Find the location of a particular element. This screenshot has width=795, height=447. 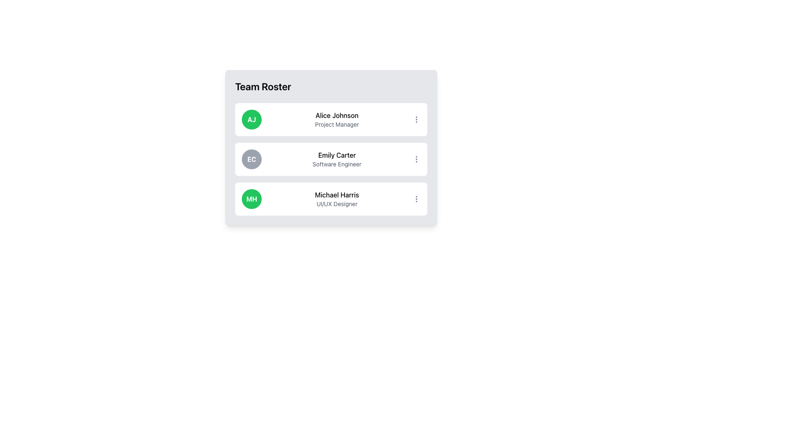

the profile card representing the team member in the roster is located at coordinates (331, 159).